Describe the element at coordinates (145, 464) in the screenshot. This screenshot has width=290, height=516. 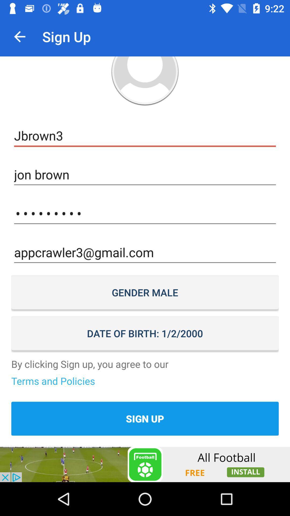
I see `advertisement` at that location.